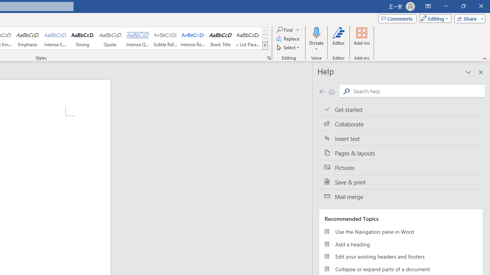 This screenshot has height=275, width=490. I want to click on 'Close pane', so click(480, 72).